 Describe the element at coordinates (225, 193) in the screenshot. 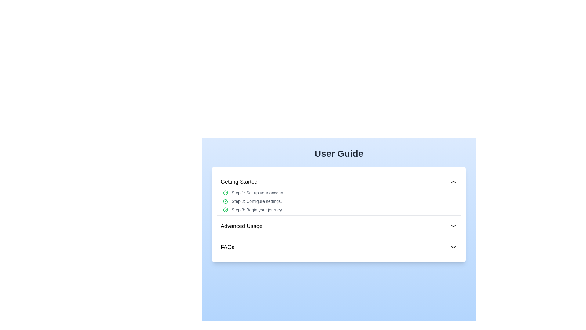

I see `the green circular icon with a checkmark, located adjacent to 'Step 1: Set up your account.'` at that location.